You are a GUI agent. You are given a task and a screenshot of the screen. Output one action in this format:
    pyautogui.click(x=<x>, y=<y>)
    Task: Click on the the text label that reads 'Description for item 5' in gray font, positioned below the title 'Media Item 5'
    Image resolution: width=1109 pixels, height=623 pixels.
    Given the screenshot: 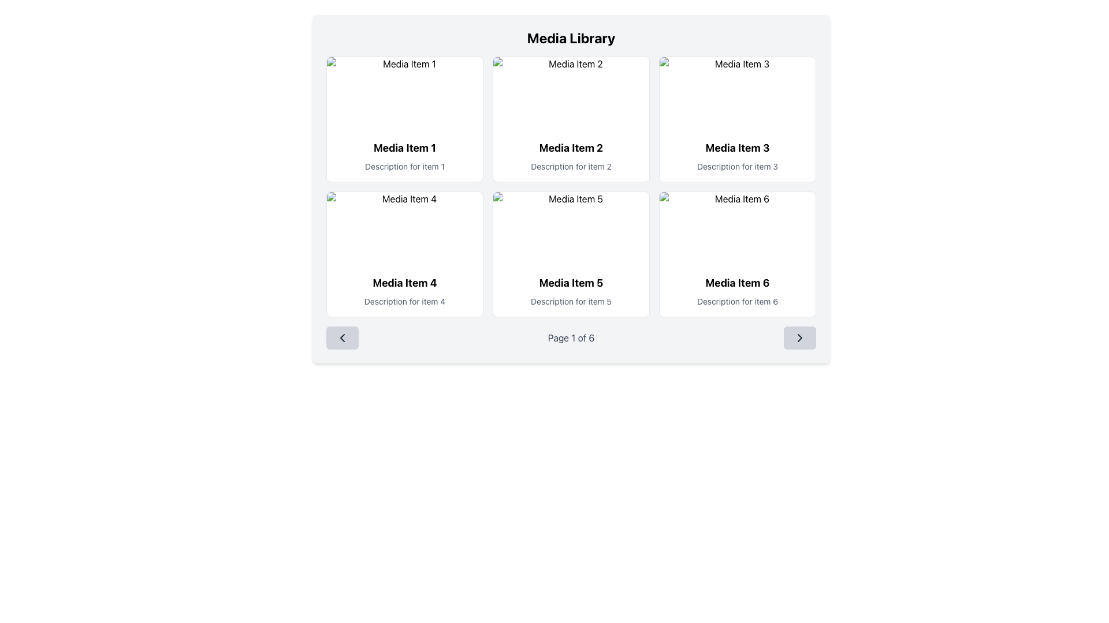 What is the action you would take?
    pyautogui.click(x=571, y=301)
    